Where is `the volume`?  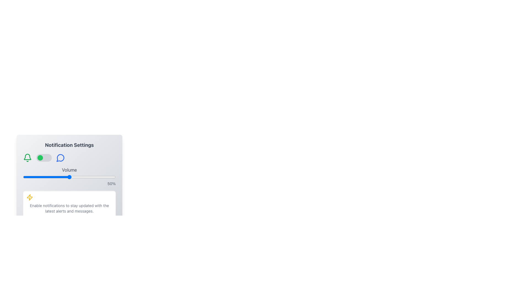 the volume is located at coordinates (104, 177).